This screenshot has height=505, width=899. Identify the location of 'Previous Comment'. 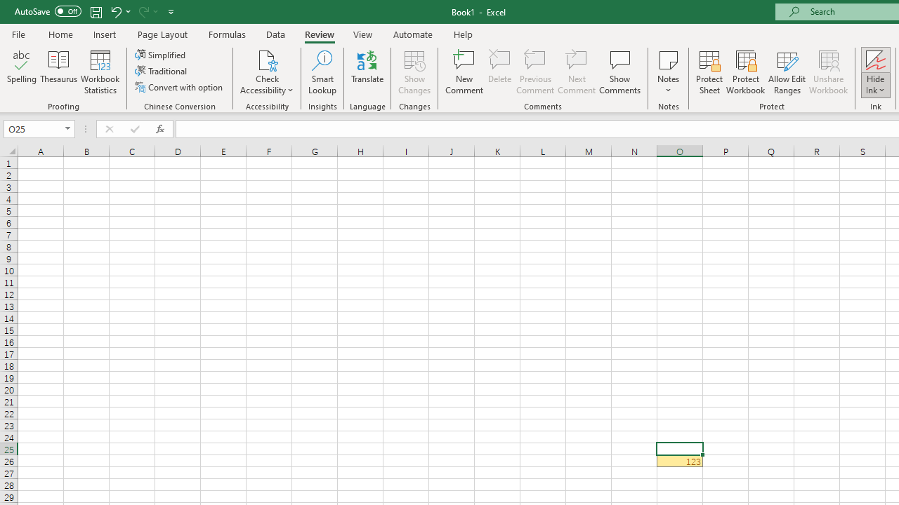
(534, 72).